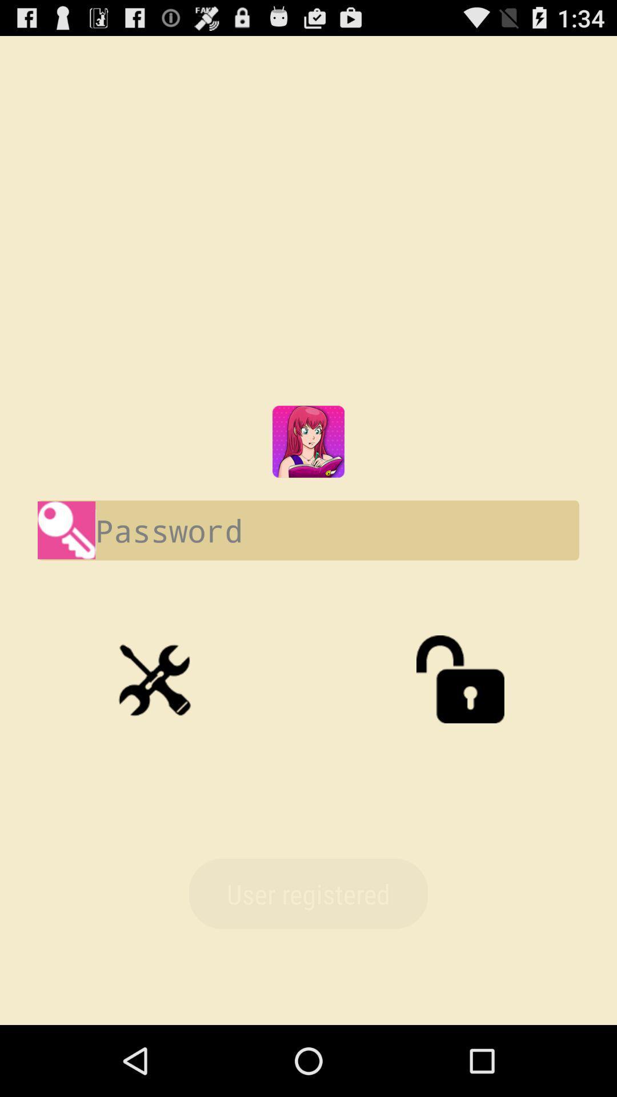 This screenshot has height=1097, width=617. What do you see at coordinates (308, 530) in the screenshot?
I see `password` at bounding box center [308, 530].